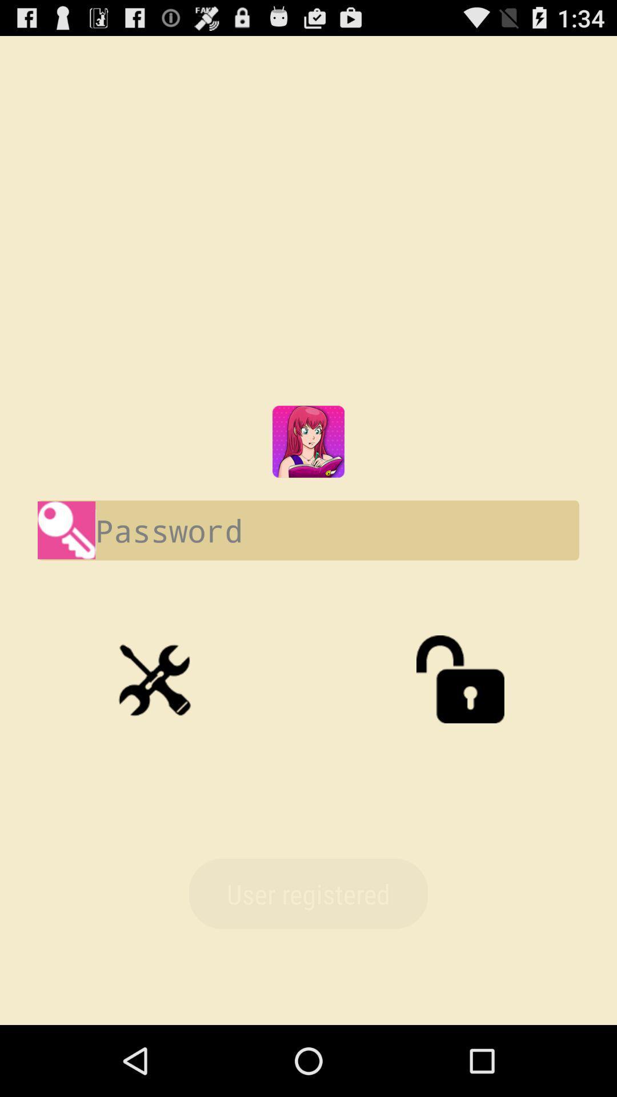 This screenshot has height=1097, width=617. What do you see at coordinates (308, 530) in the screenshot?
I see `password` at bounding box center [308, 530].